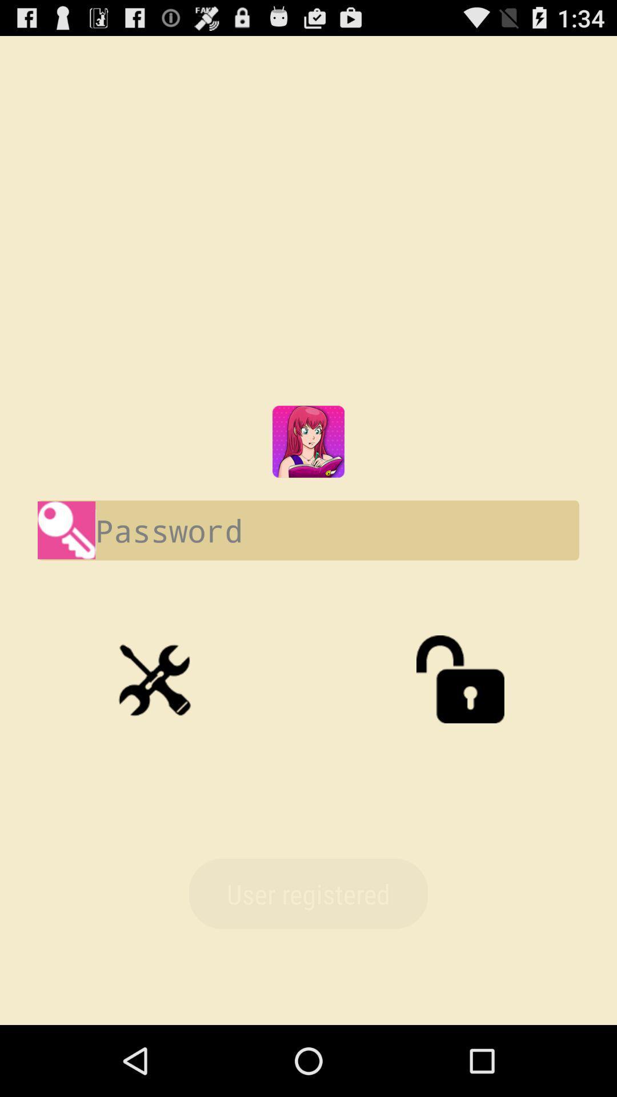 This screenshot has height=1097, width=617. What do you see at coordinates (308, 530) in the screenshot?
I see `password` at bounding box center [308, 530].